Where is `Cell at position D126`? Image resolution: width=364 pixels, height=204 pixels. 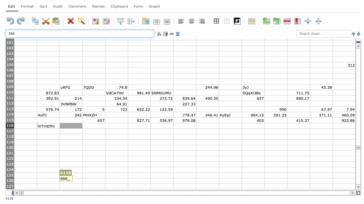 Cell at position D126 is located at coordinates (94, 181).